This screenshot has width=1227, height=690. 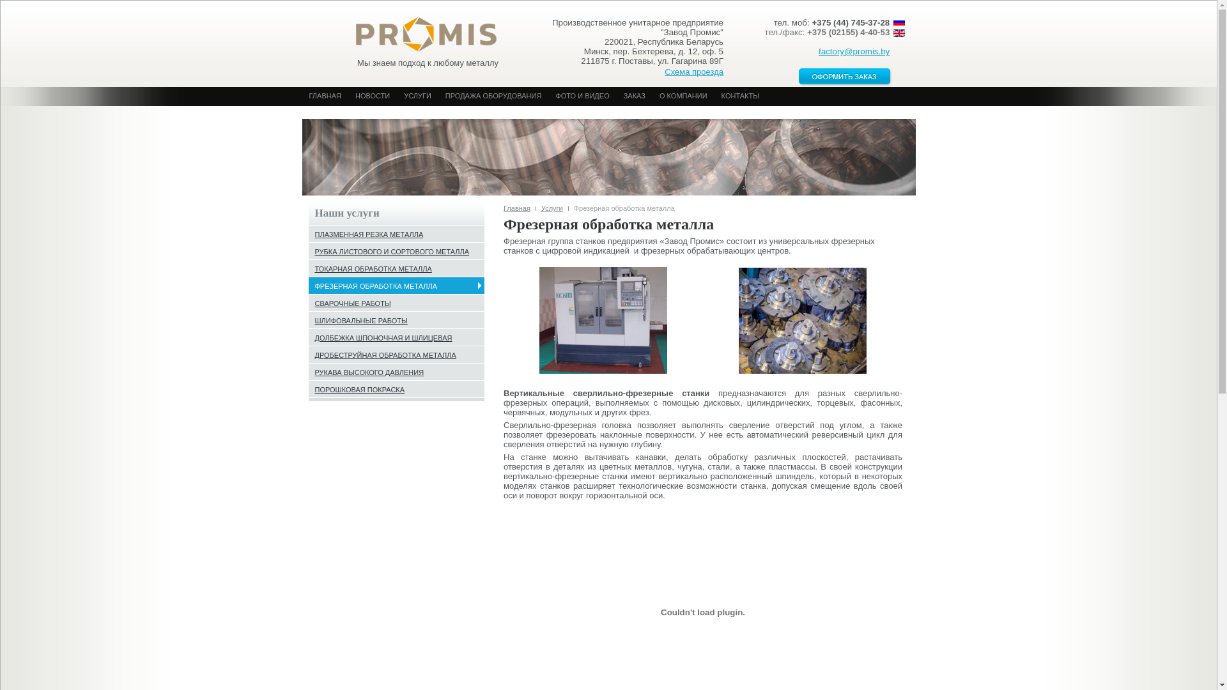 I want to click on '                      ', so click(x=420, y=29).